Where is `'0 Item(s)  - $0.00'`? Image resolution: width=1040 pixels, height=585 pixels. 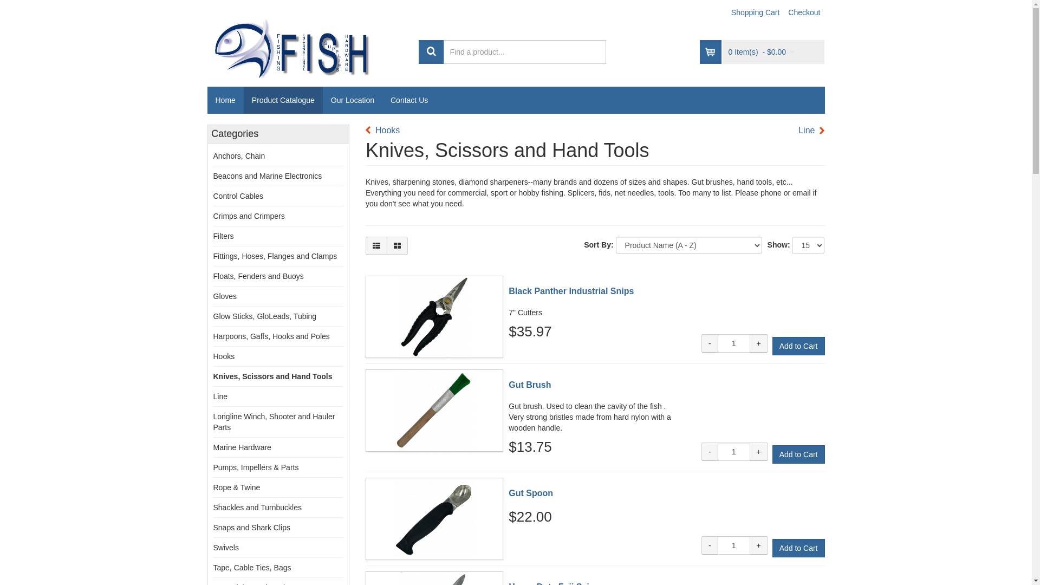 '0 Item(s)  - $0.00' is located at coordinates (760, 52).